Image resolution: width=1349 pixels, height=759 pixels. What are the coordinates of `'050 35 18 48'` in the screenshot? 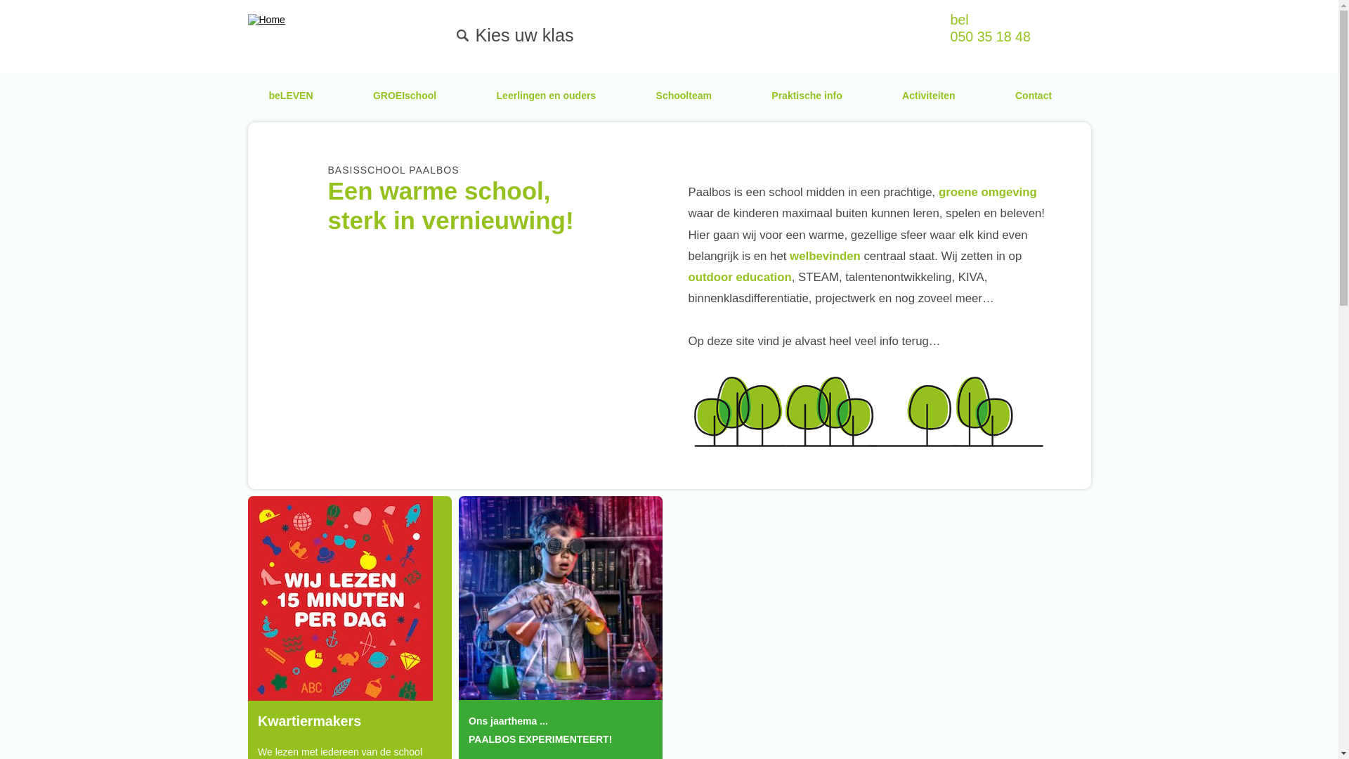 It's located at (989, 35).